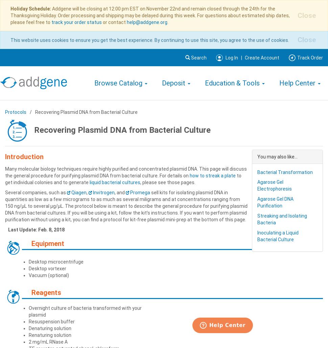  Describe the element at coordinates (85, 311) in the screenshot. I see `'Overnight culture of bacteria transformed with your plasmid'` at that location.